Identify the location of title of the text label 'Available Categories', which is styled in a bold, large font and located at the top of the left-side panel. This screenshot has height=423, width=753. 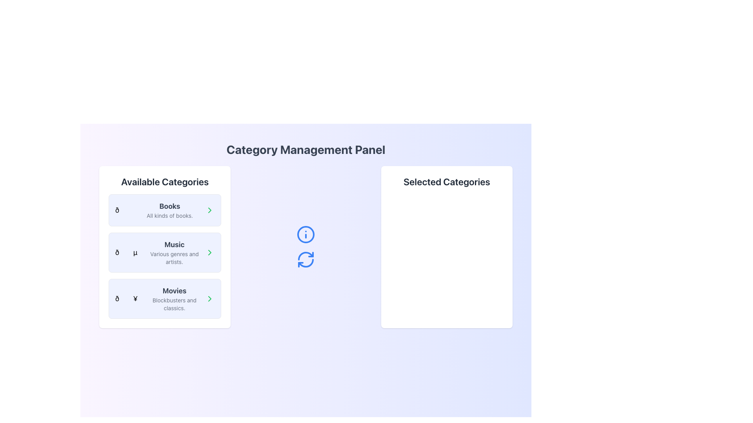
(164, 181).